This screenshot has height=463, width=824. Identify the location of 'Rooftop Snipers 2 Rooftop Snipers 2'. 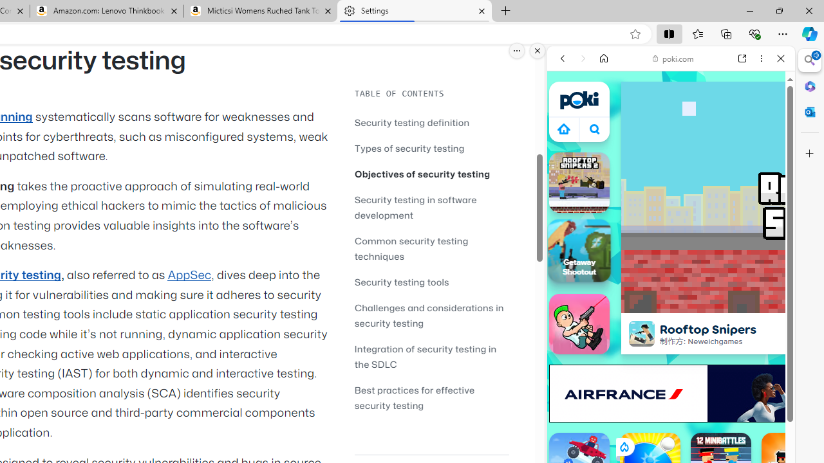
(578, 183).